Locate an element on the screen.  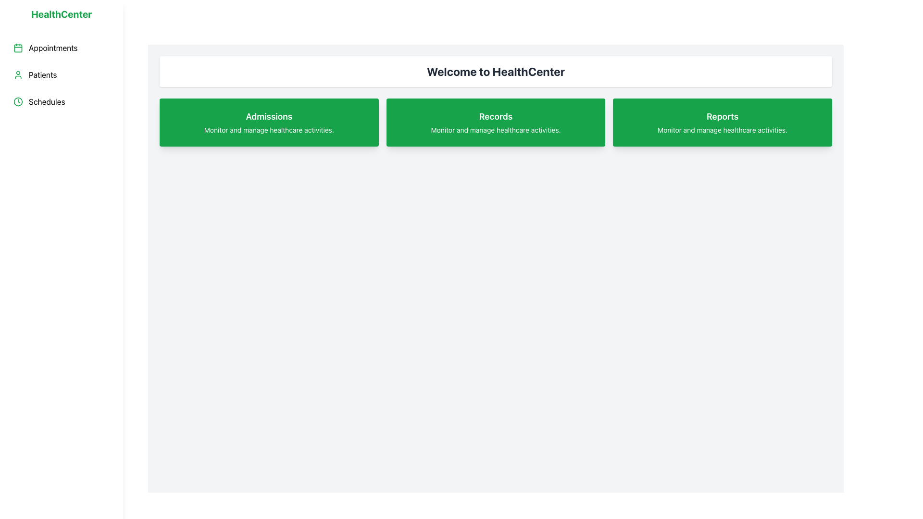
text content of the welcoming header located at the top center of the interface, above the green buttons labeled 'Admissions,' 'Records,' and 'Reports.' is located at coordinates (496, 71).